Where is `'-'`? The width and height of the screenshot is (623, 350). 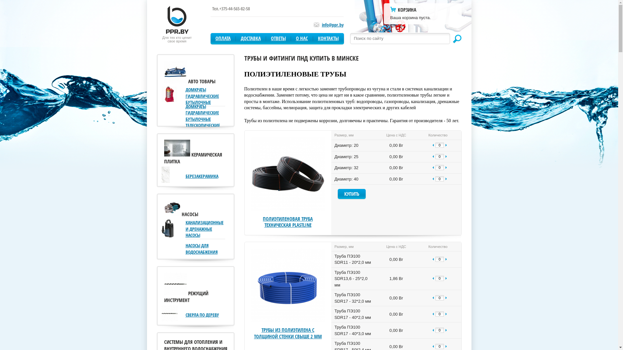
'-' is located at coordinates (433, 314).